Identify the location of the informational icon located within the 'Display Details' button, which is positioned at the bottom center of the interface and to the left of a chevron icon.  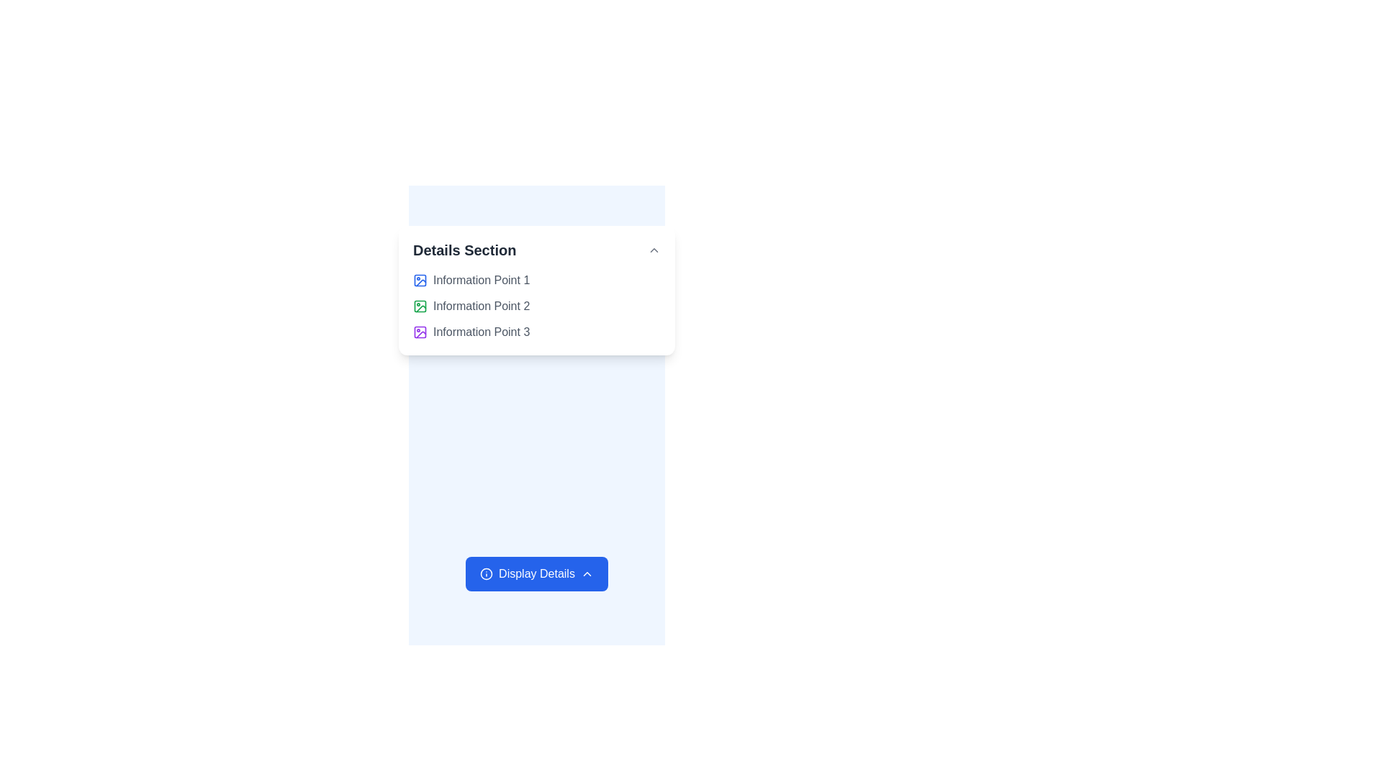
(487, 573).